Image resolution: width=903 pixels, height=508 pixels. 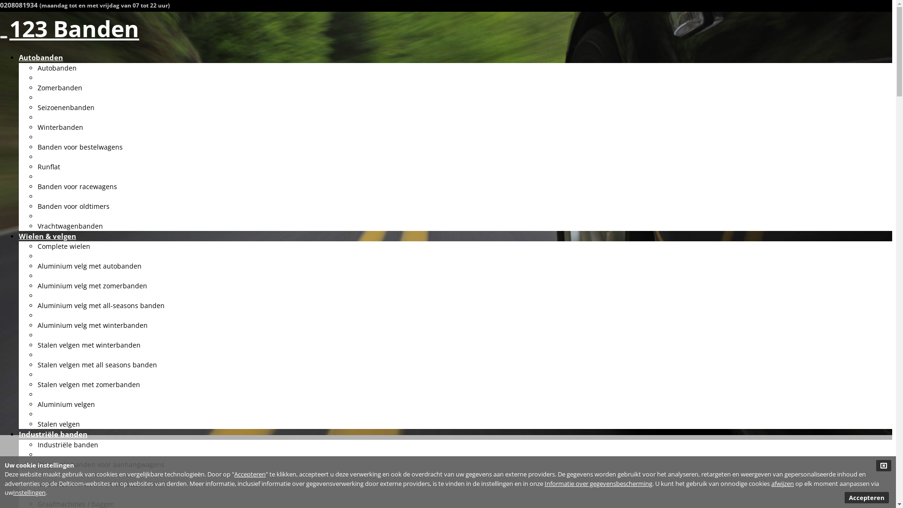 What do you see at coordinates (59, 87) in the screenshot?
I see `'Zomerbanden'` at bounding box center [59, 87].